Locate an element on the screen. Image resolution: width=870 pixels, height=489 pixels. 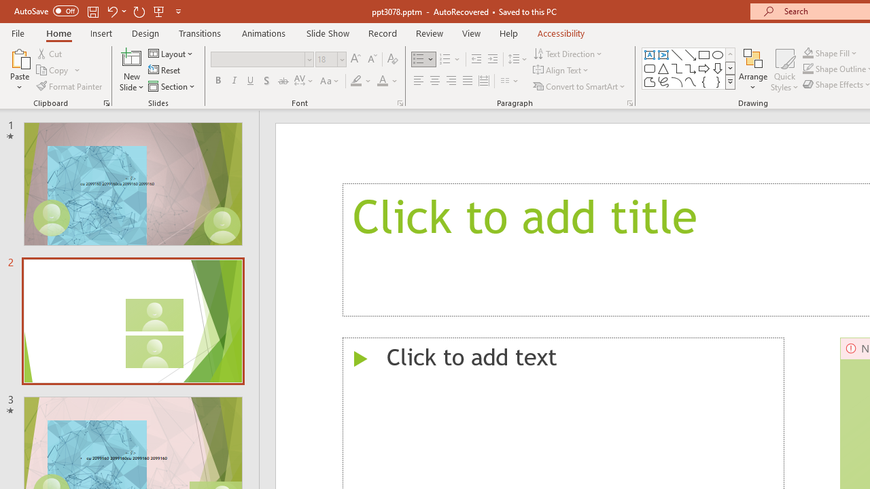
'Vertical Text Box' is located at coordinates (663, 54).